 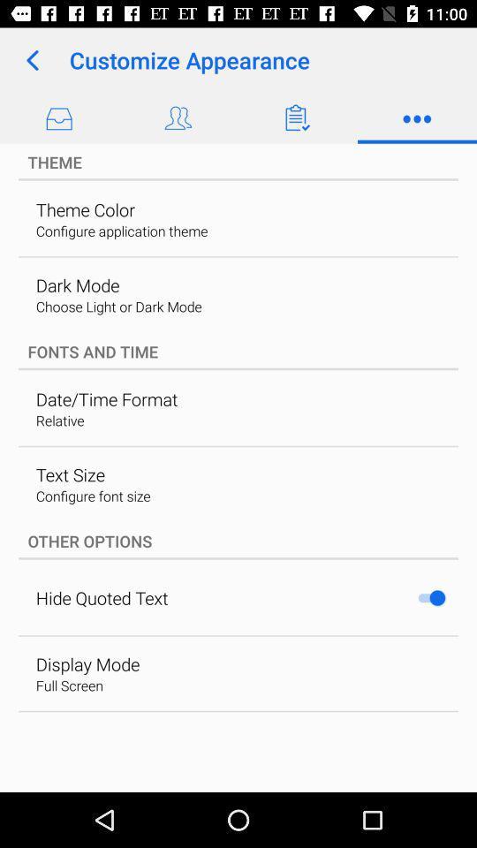 What do you see at coordinates (238, 540) in the screenshot?
I see `item below configure font size` at bounding box center [238, 540].